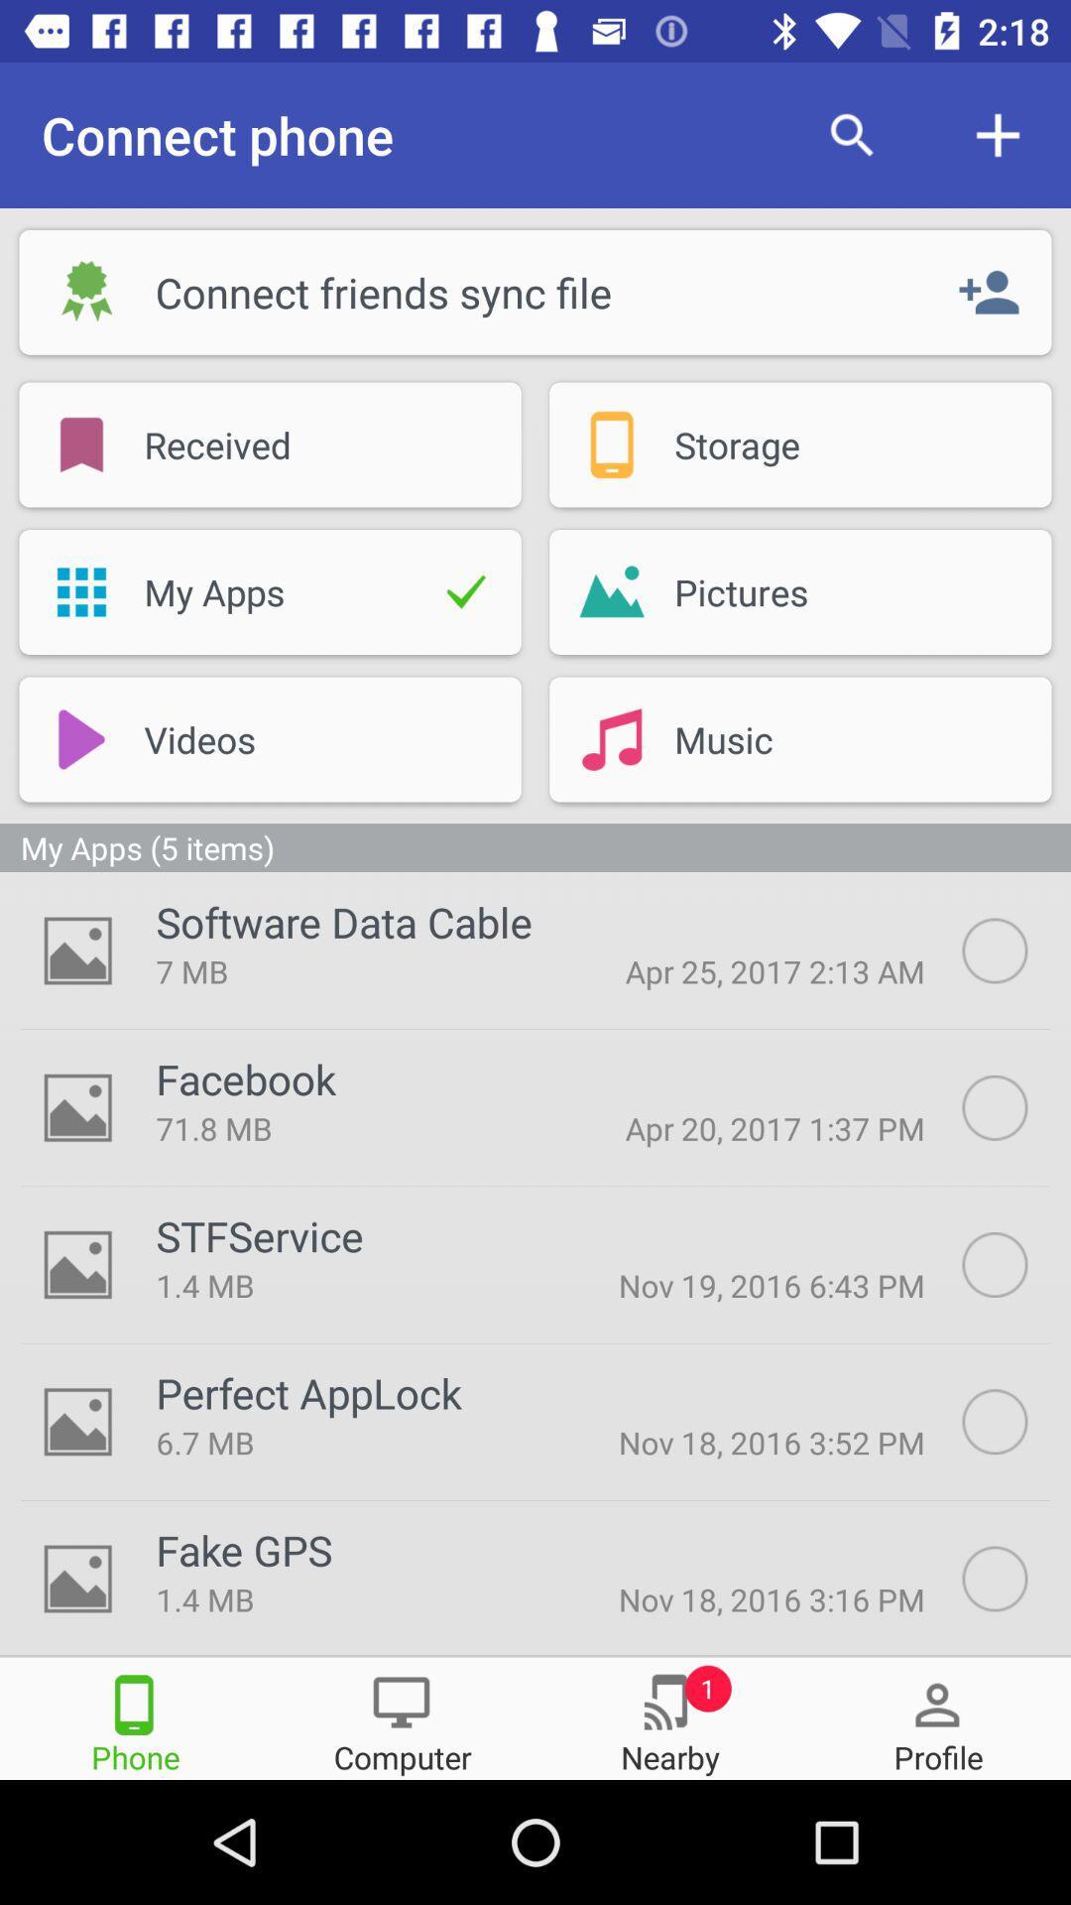 Image resolution: width=1071 pixels, height=1905 pixels. What do you see at coordinates (343, 921) in the screenshot?
I see `software data cable app` at bounding box center [343, 921].